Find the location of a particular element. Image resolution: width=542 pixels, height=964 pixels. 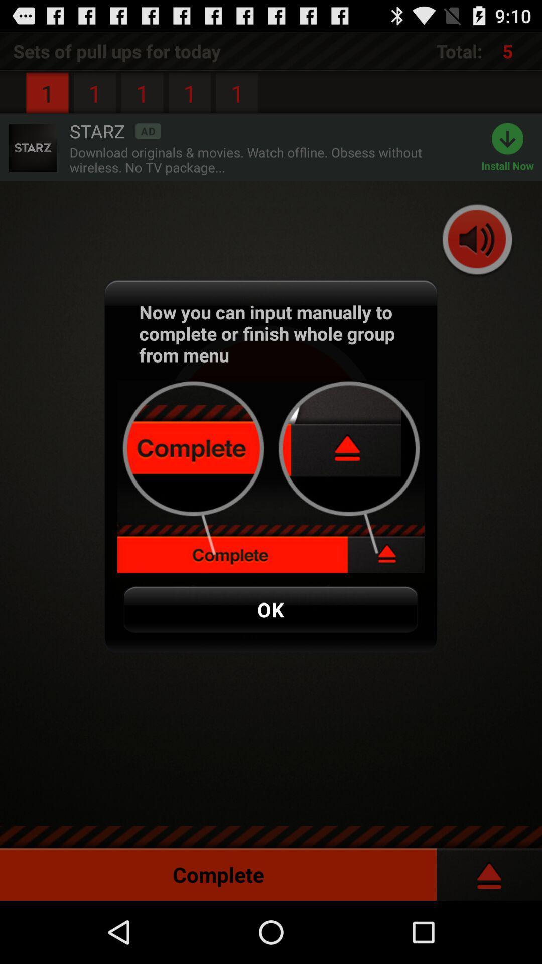

ok is located at coordinates (270, 609).